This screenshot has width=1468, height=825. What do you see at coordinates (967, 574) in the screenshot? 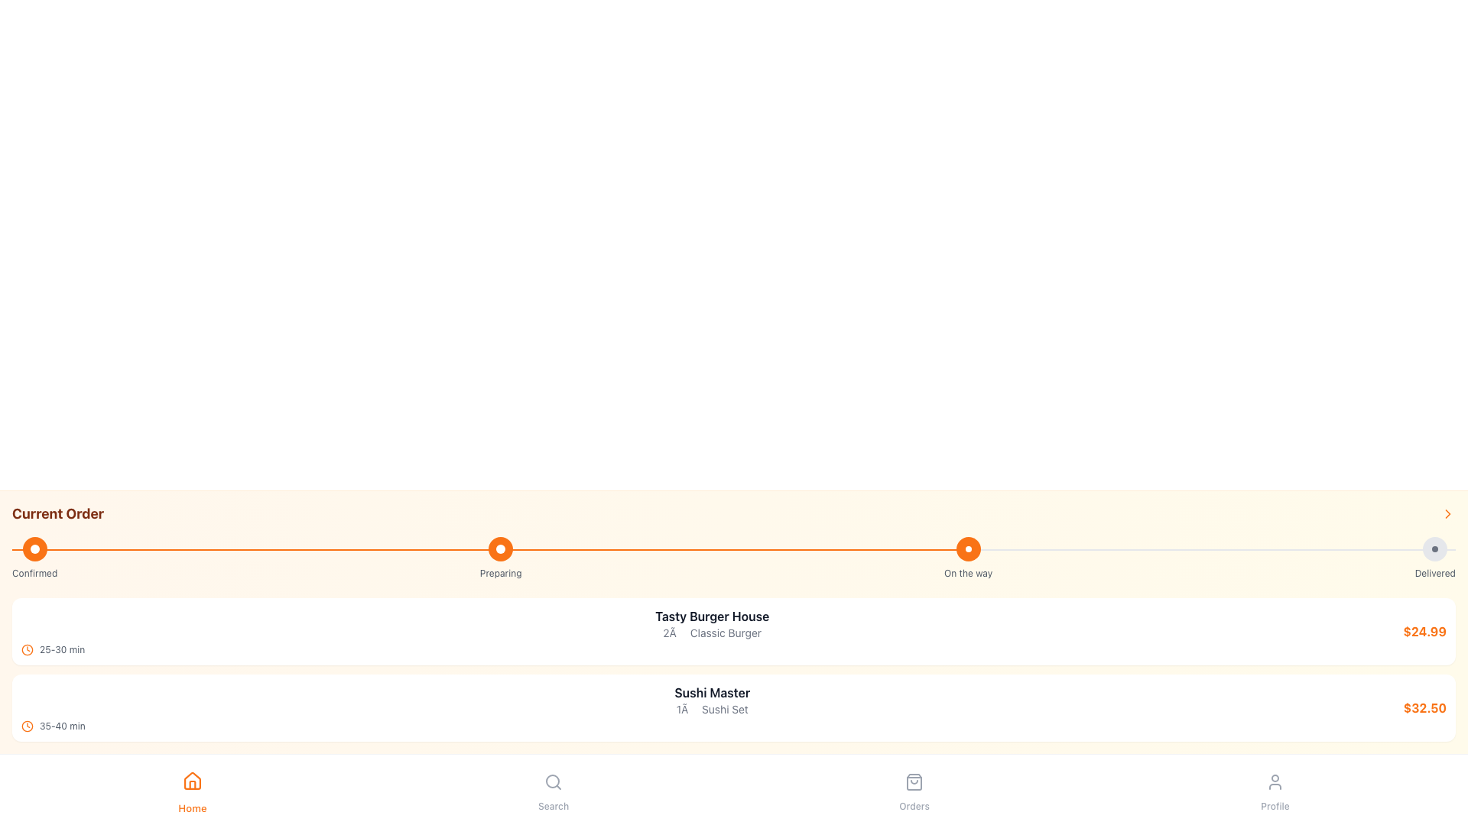
I see `the static text label displaying the status 'On the way' which indicates the current stage of a delivery order` at bounding box center [967, 574].